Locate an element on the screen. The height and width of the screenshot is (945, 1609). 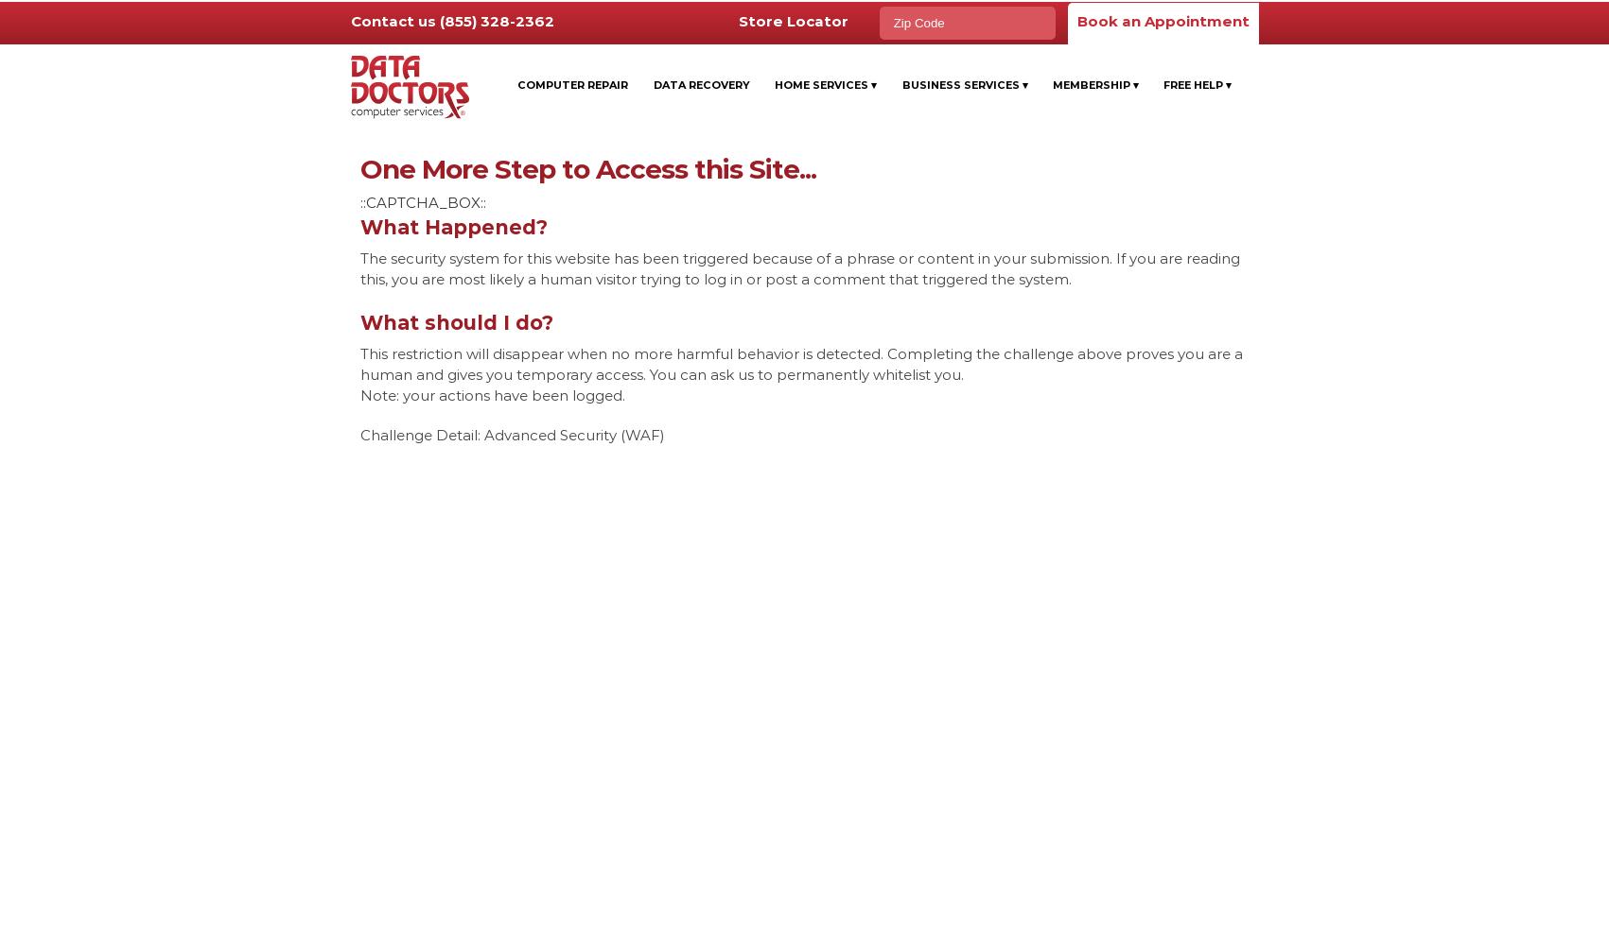
'Store Locator' is located at coordinates (793, 21).